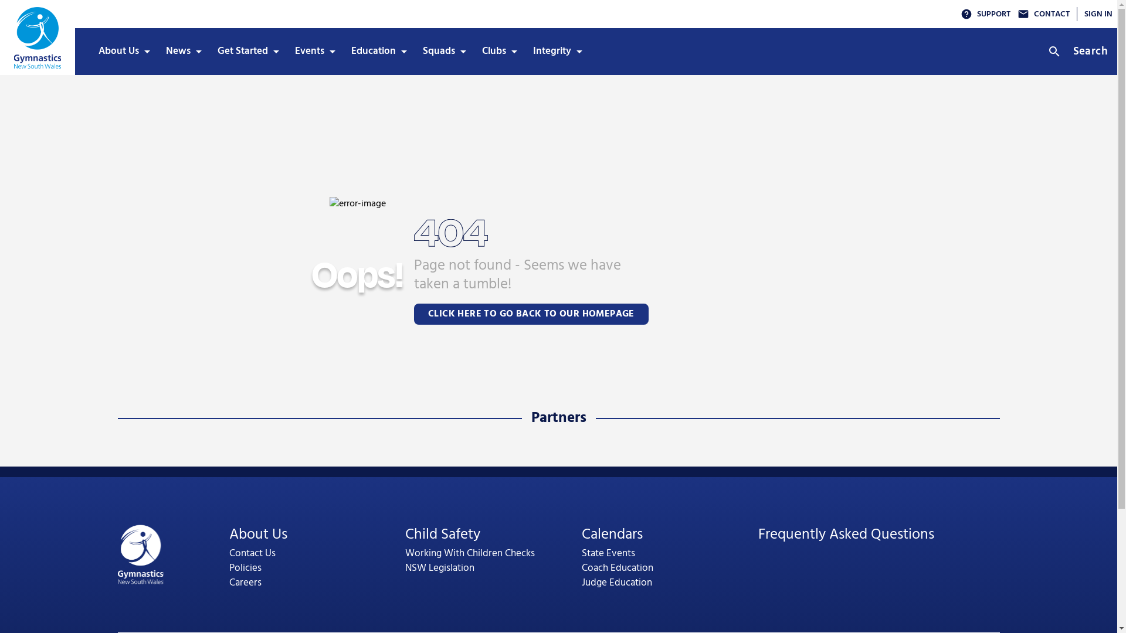 The width and height of the screenshot is (1126, 633). Describe the element at coordinates (439, 567) in the screenshot. I see `'NSW Legislation'` at that location.